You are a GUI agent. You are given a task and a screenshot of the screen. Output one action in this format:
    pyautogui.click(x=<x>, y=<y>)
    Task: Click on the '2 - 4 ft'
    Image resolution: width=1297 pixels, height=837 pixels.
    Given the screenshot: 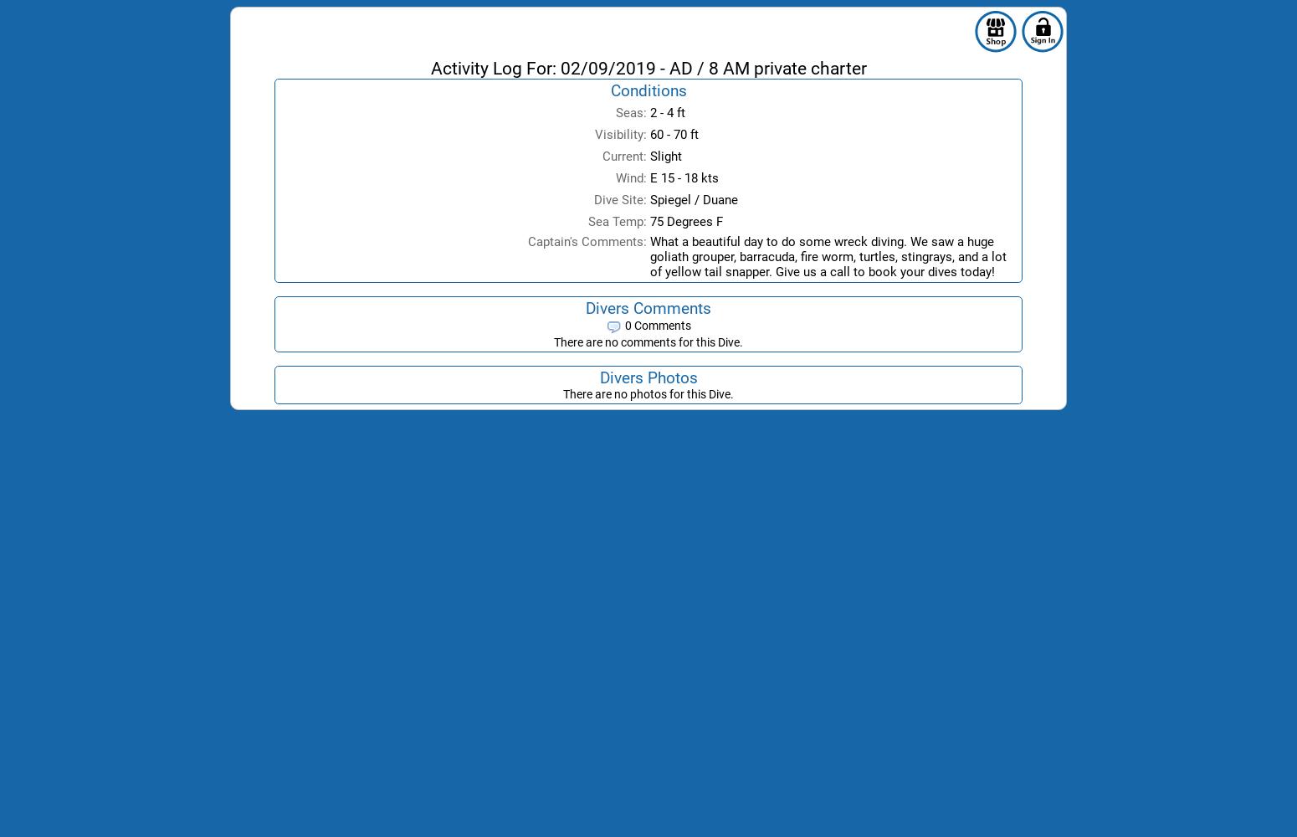 What is the action you would take?
    pyautogui.click(x=666, y=113)
    